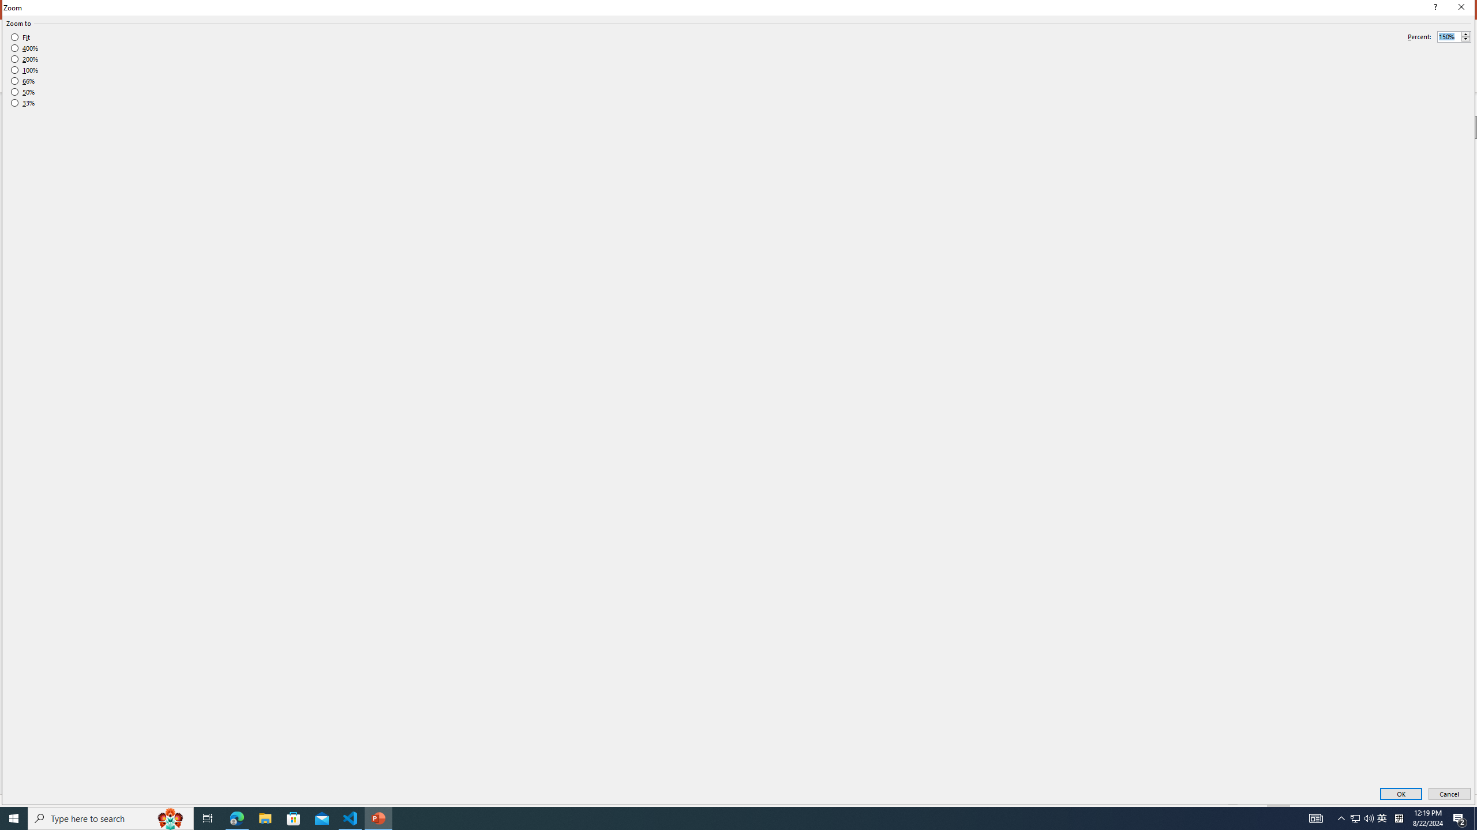  I want to click on 'Fit', so click(20, 37).